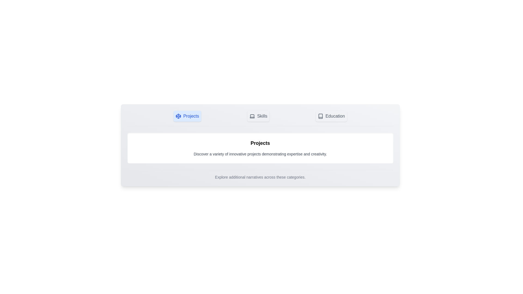  Describe the element at coordinates (258, 116) in the screenshot. I see `the 'Skills' button, which features a laptop icon and is located centrally among buttons labeled 'Projects', 'Skills', and 'Education'` at that location.